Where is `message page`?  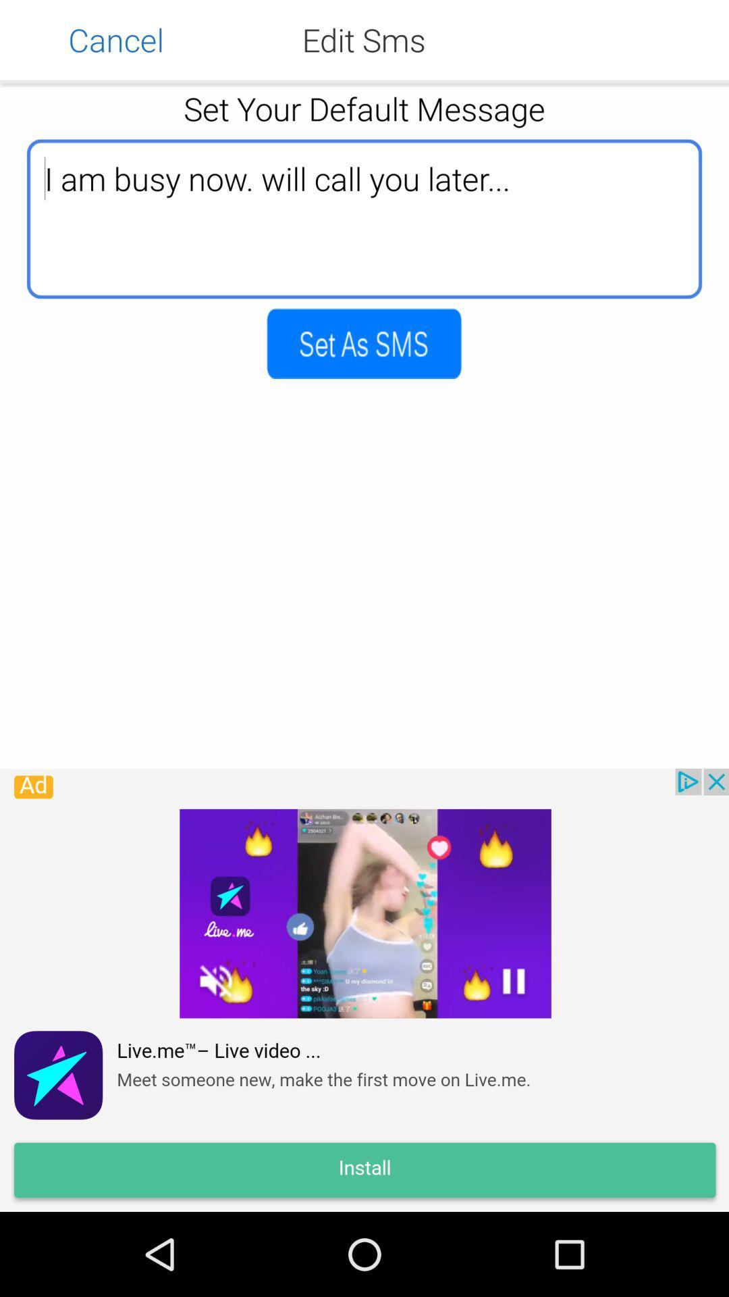
message page is located at coordinates (363, 343).